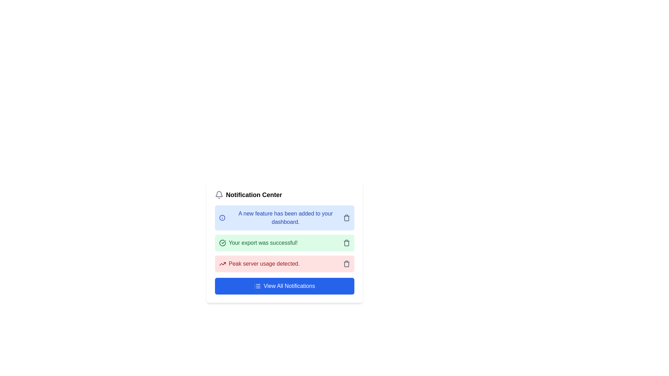 Image resolution: width=669 pixels, height=376 pixels. Describe the element at coordinates (222, 264) in the screenshot. I see `the SVG icon resembling a line graph trending upwards, which is positioned to the left of the notification text 'Peak server usage detected.'` at that location.